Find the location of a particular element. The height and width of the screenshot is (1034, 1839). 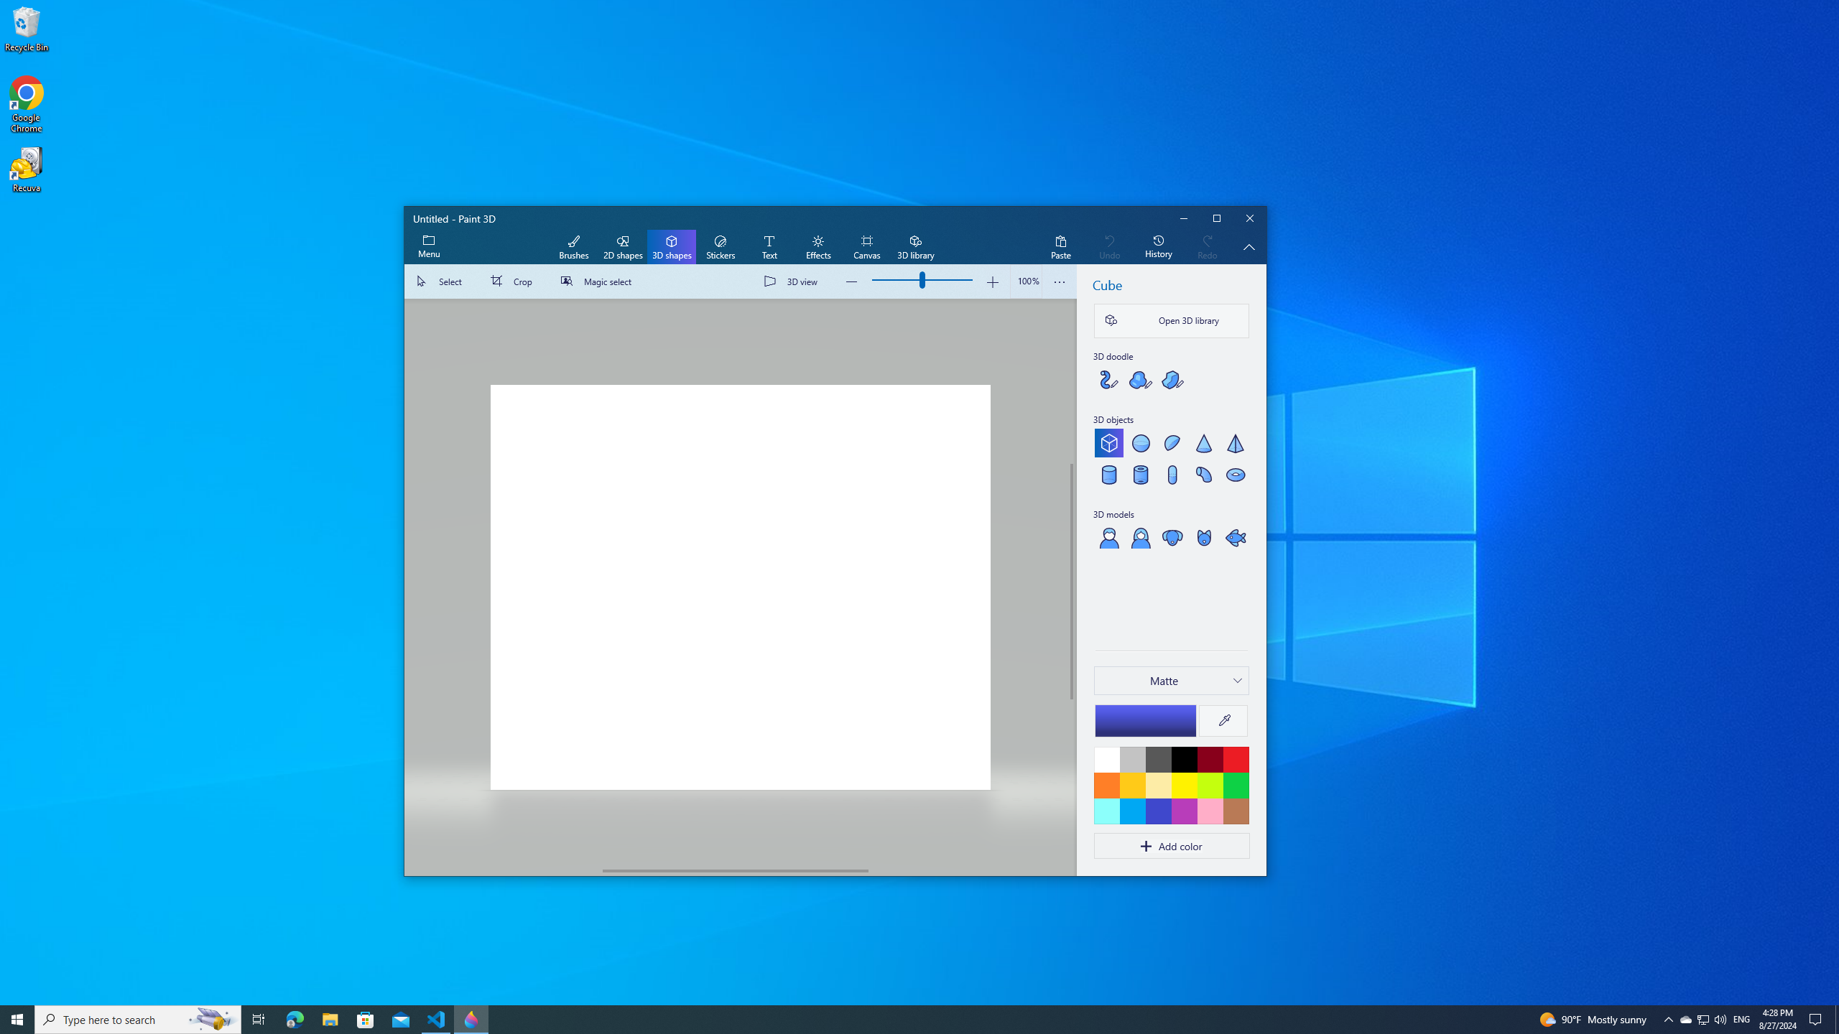

'Rose' is located at coordinates (1209, 811).